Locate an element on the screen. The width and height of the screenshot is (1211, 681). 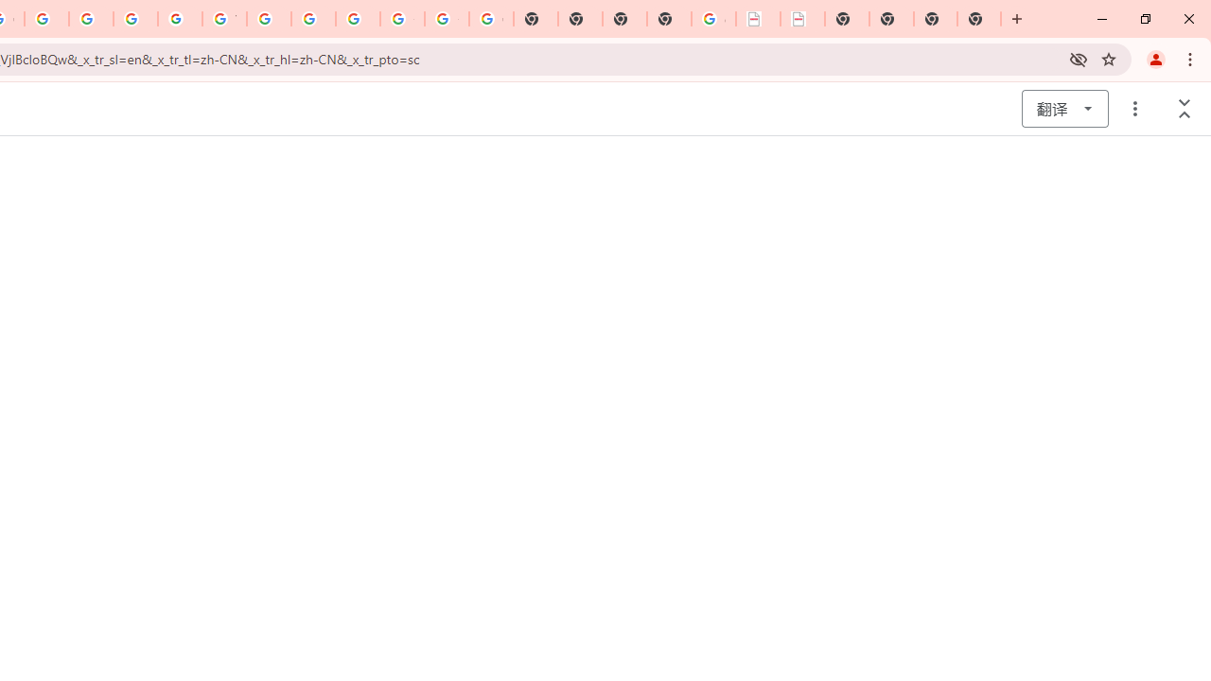
'BAE Systems Brasil | BAE Systems' is located at coordinates (802, 19).